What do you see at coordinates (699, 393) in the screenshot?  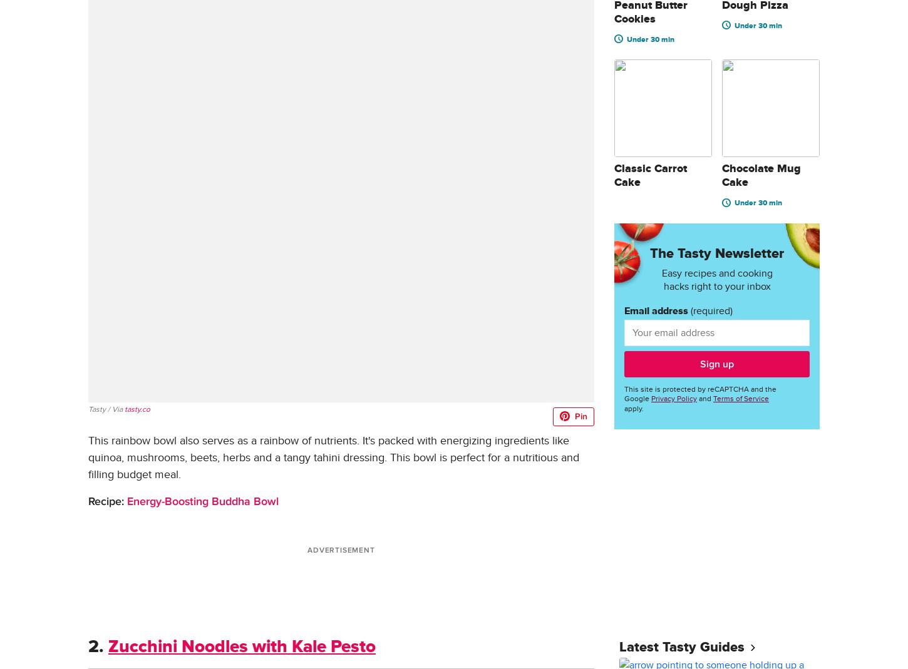 I see `'This site is protected by reCAPTCHA and the Google'` at bounding box center [699, 393].